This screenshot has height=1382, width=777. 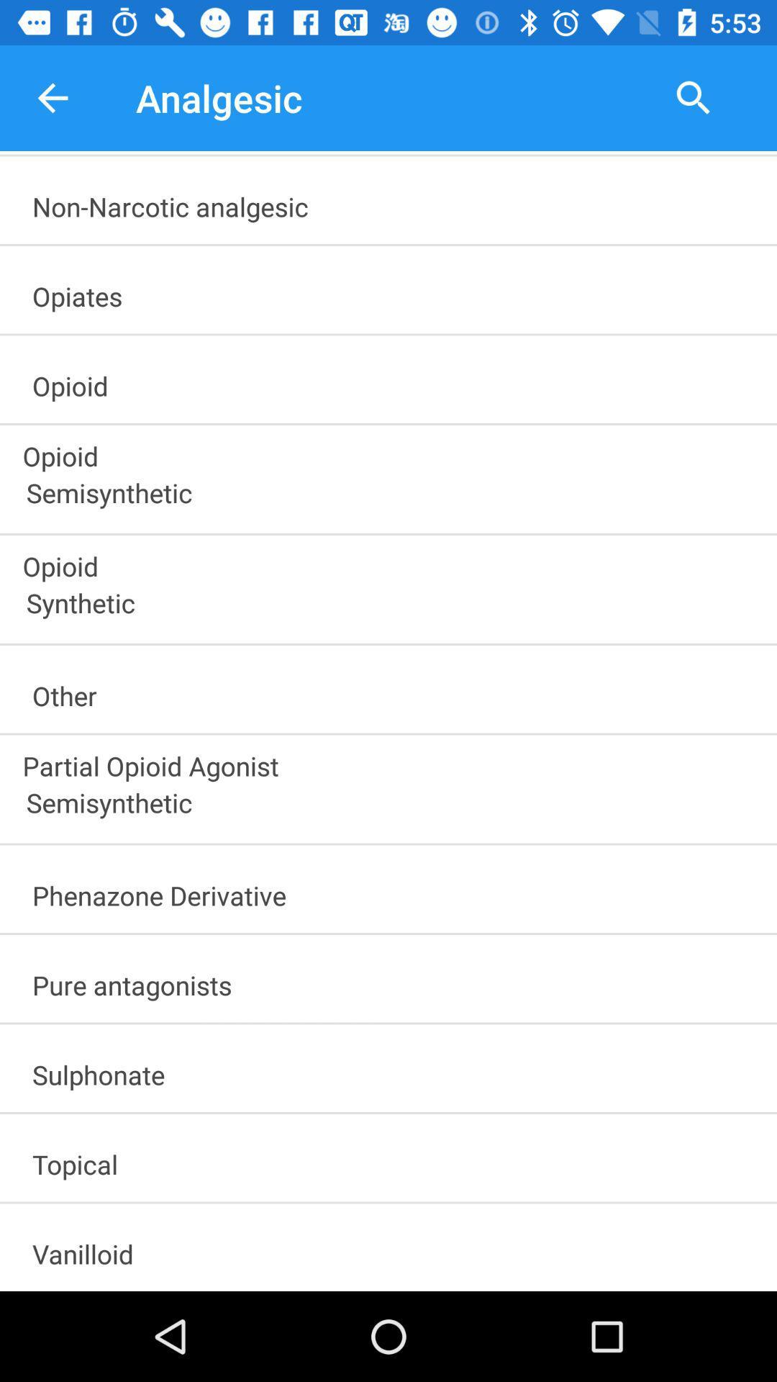 What do you see at coordinates (395, 1070) in the screenshot?
I see `the sulphonate item` at bounding box center [395, 1070].